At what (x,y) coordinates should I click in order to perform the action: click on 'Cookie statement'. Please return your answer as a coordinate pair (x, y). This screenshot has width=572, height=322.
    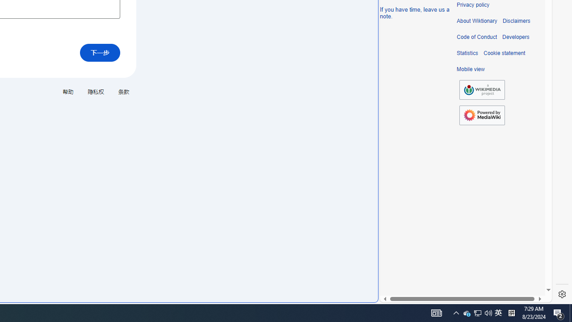
    Looking at the image, I should click on (504, 53).